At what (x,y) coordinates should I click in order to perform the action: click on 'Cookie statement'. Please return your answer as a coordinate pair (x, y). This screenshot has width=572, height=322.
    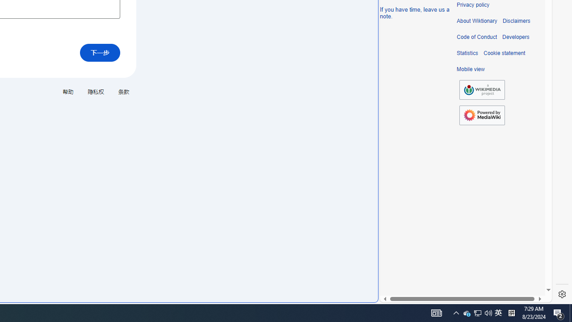
    Looking at the image, I should click on (504, 53).